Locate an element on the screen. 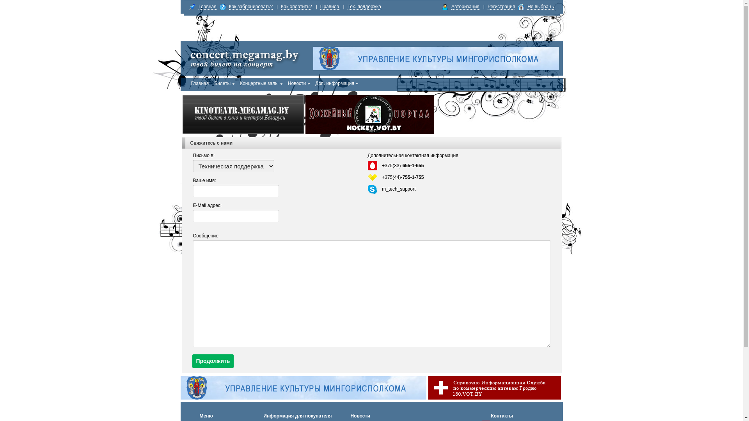 The image size is (749, 421). ' hockey.vot.by ' is located at coordinates (305, 114).